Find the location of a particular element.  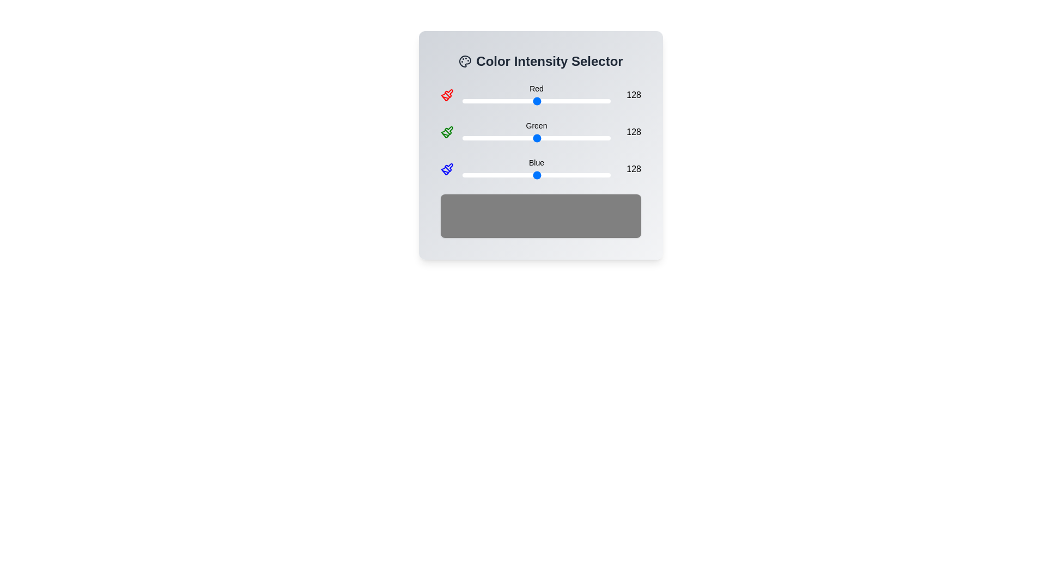

the green intensity is located at coordinates (480, 138).